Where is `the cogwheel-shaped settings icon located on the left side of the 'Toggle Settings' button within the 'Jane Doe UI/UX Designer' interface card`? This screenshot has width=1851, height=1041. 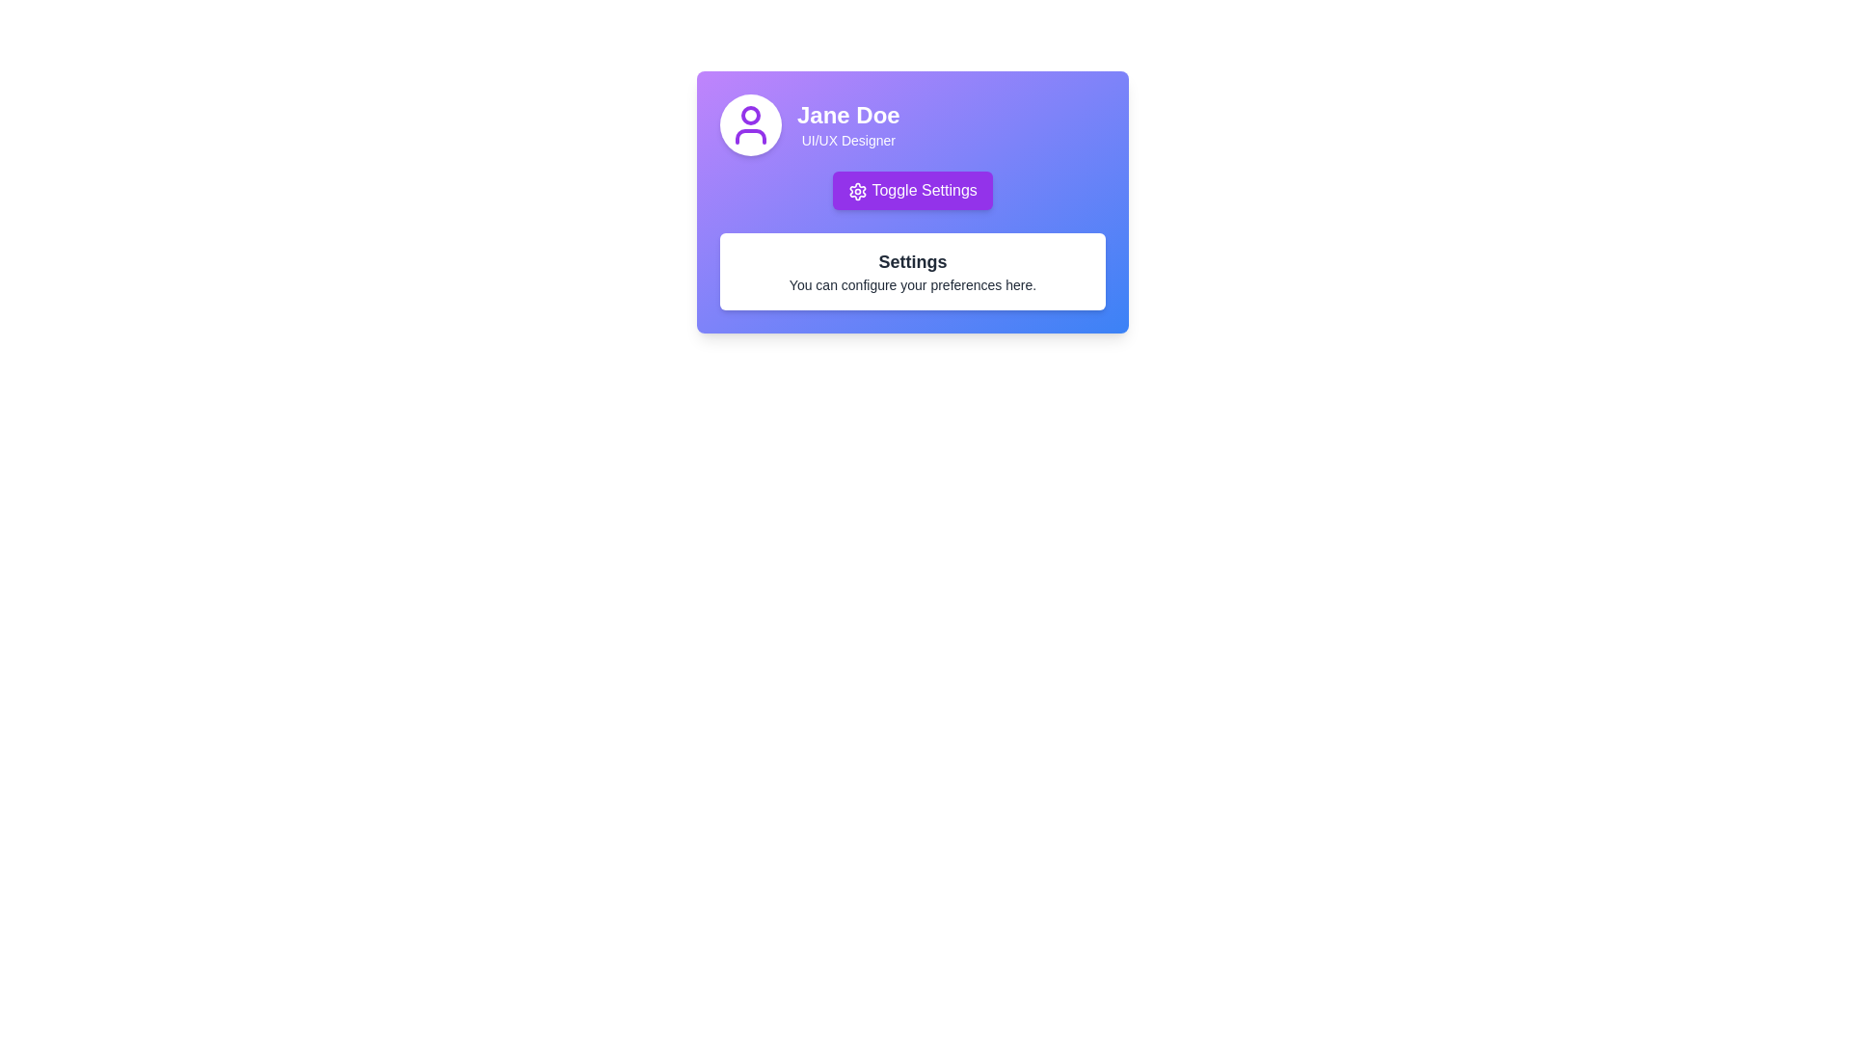
the cogwheel-shaped settings icon located on the left side of the 'Toggle Settings' button within the 'Jane Doe UI/UX Designer' interface card is located at coordinates (857, 191).